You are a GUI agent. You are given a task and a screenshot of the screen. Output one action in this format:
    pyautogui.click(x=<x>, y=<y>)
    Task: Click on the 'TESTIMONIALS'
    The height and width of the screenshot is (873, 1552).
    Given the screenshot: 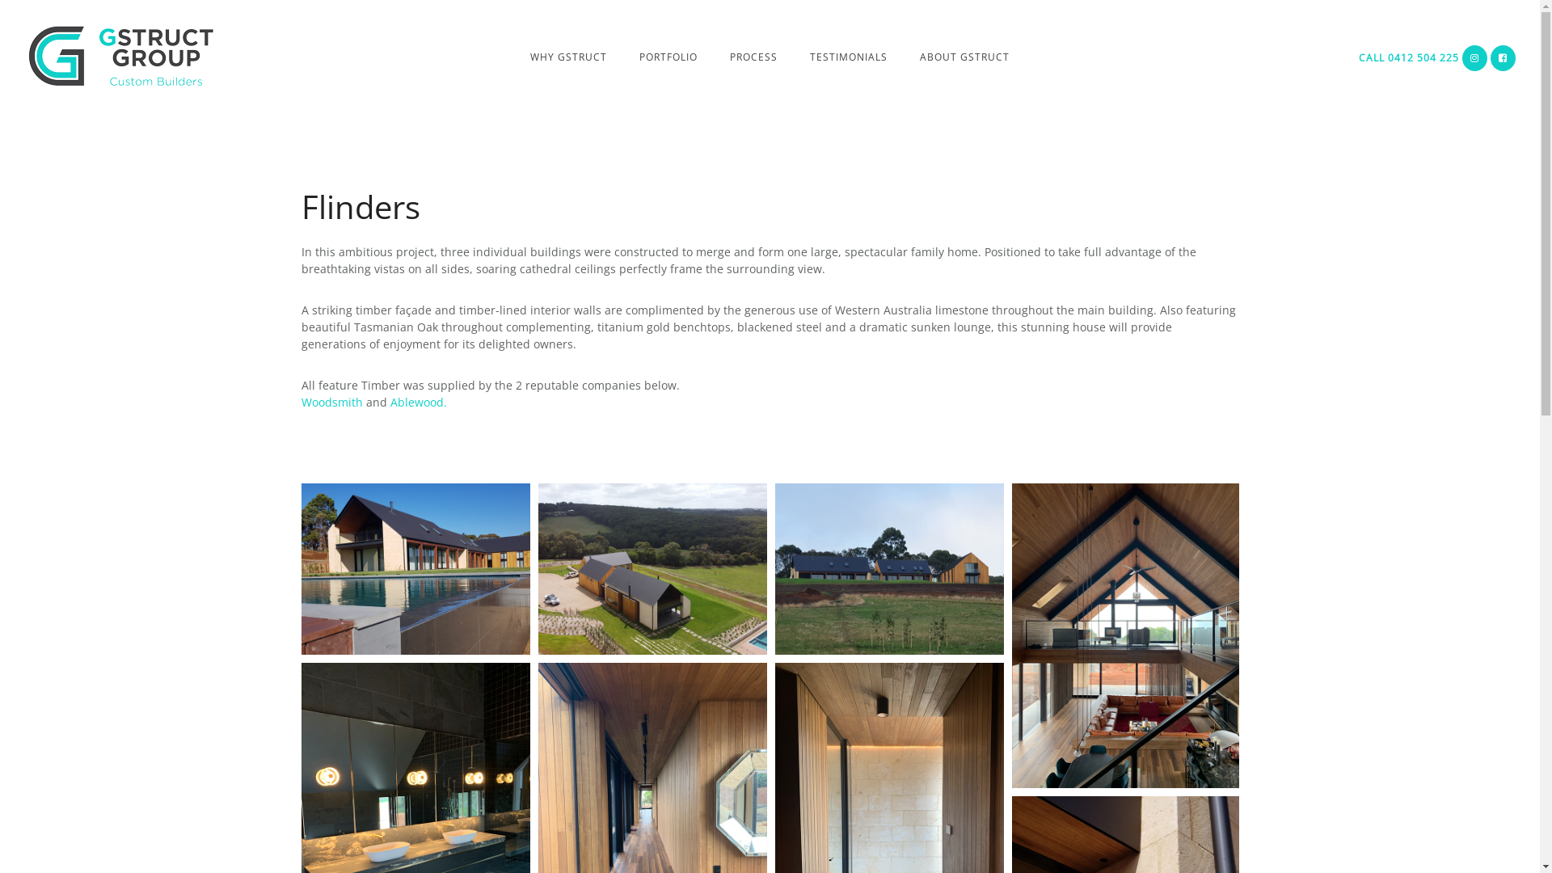 What is the action you would take?
    pyautogui.click(x=848, y=56)
    